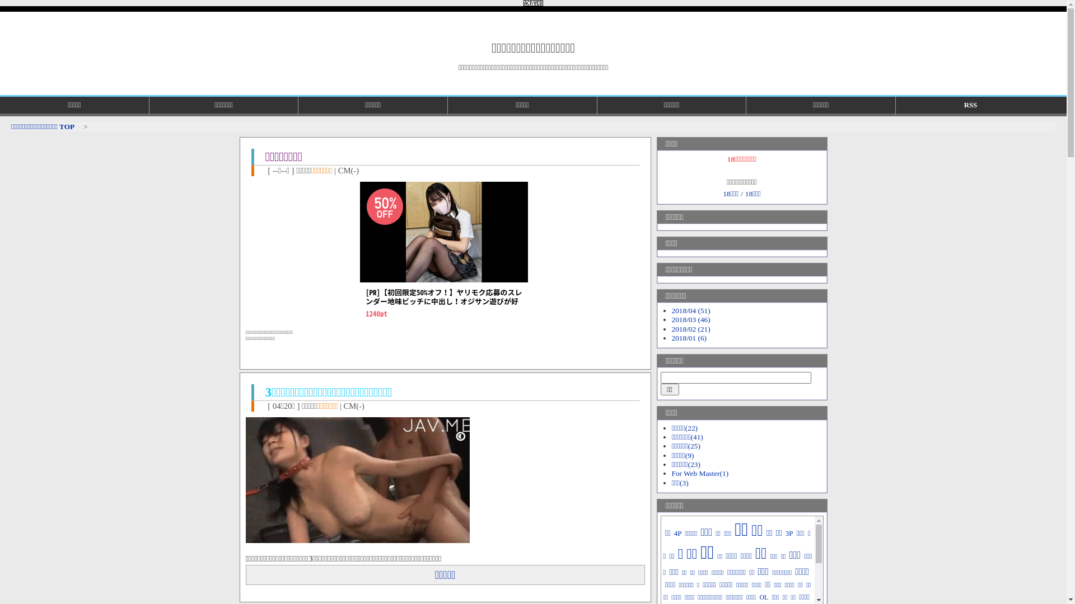 The width and height of the screenshot is (1075, 604). Describe the element at coordinates (690, 328) in the screenshot. I see `'2018/02 (21)'` at that location.